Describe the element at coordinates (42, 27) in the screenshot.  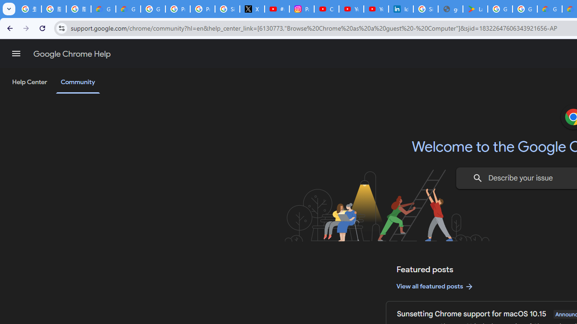
I see `'Reload'` at that location.